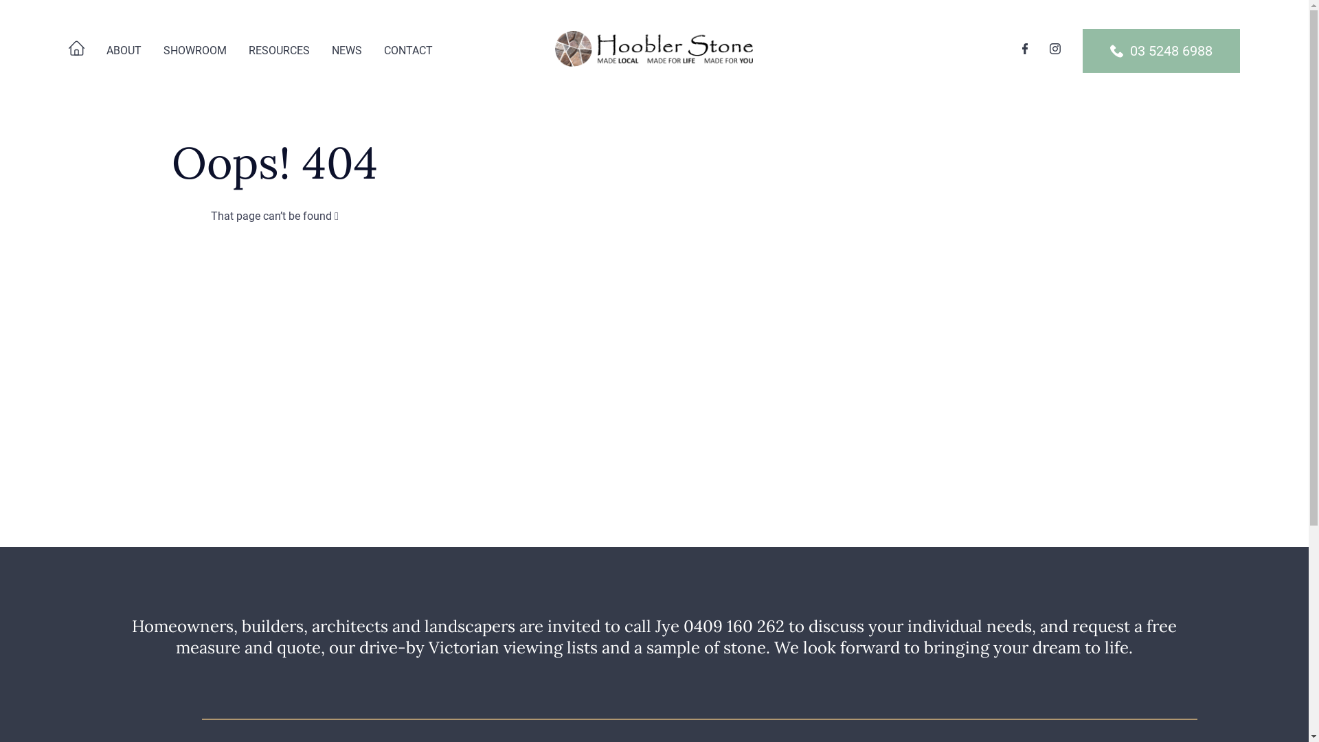 Image resolution: width=1319 pixels, height=742 pixels. What do you see at coordinates (278, 49) in the screenshot?
I see `'RESOURCES'` at bounding box center [278, 49].